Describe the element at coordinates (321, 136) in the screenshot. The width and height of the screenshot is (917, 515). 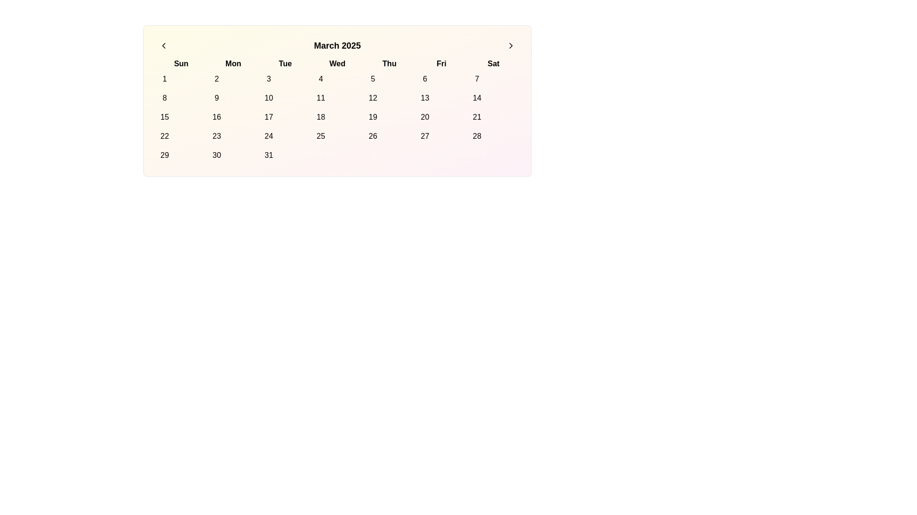
I see `the interactive button representing the date '25' in the calendar grid for March 2025` at that location.